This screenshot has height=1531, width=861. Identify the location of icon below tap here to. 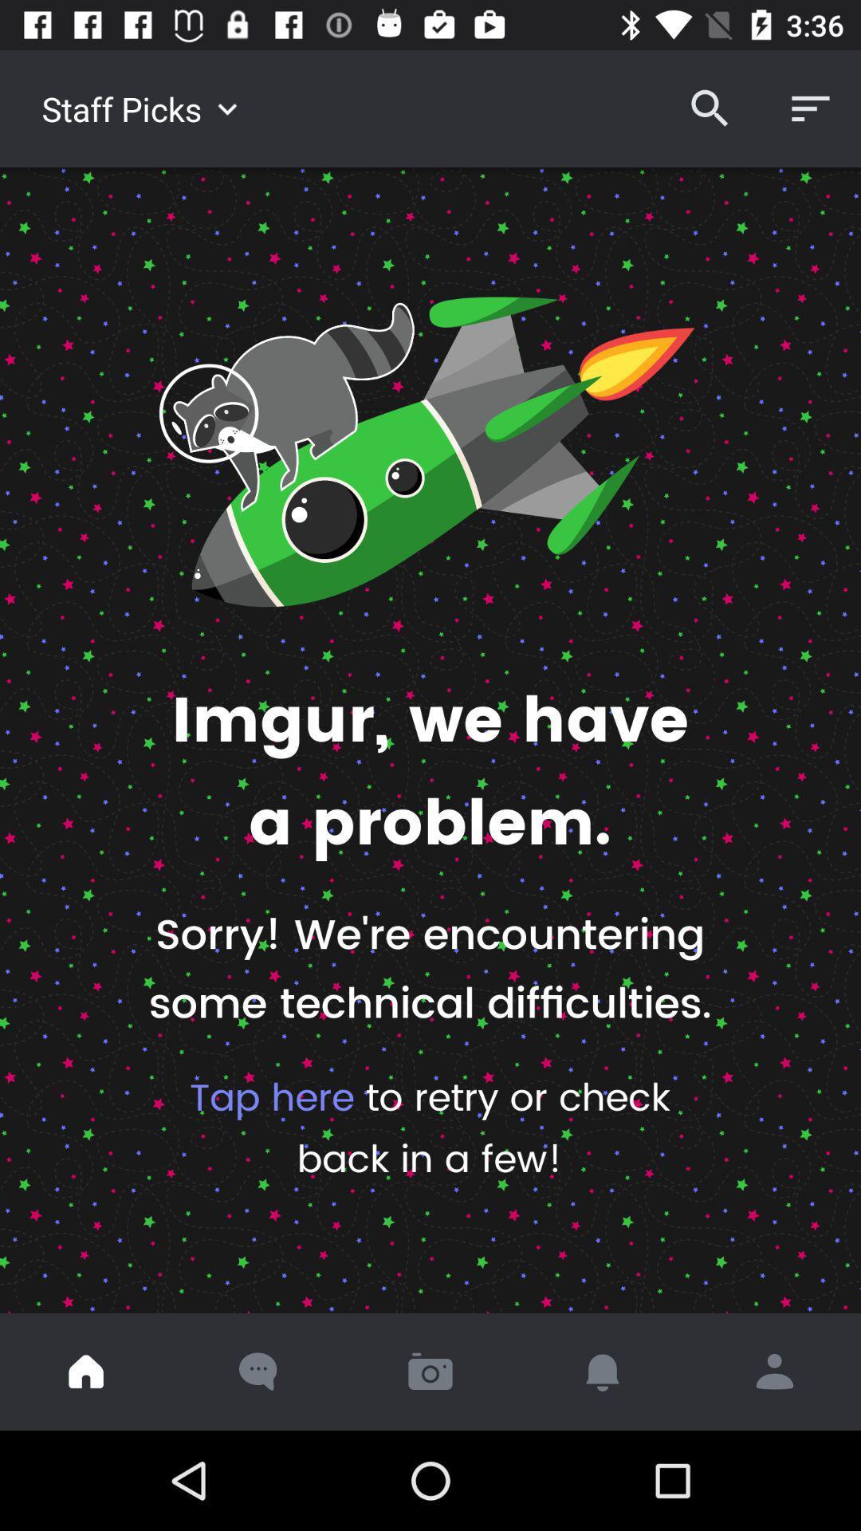
(774, 1371).